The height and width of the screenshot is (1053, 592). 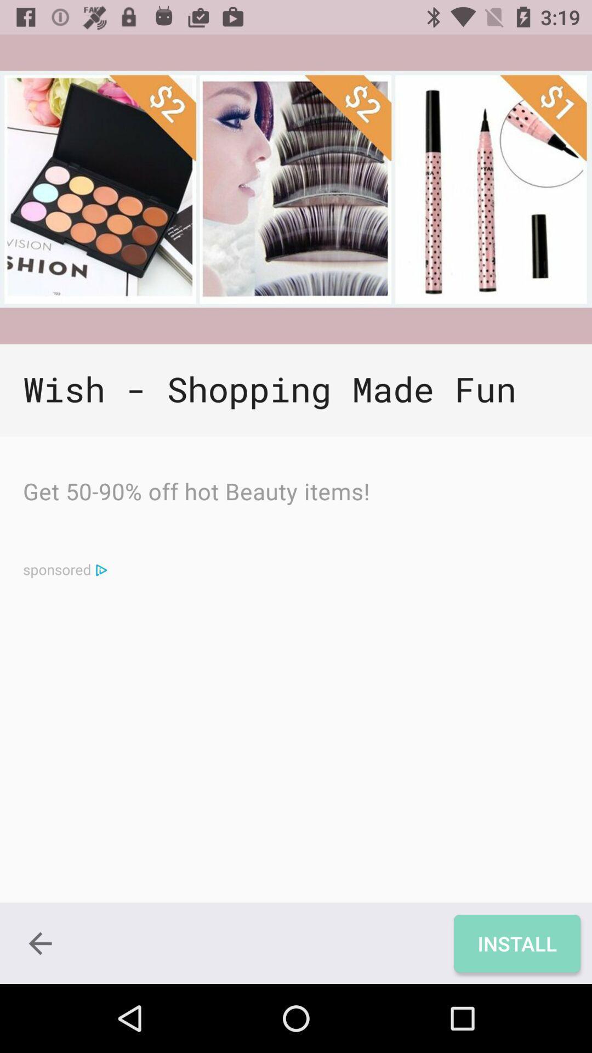 I want to click on icon above wish shopping made item, so click(x=296, y=189).